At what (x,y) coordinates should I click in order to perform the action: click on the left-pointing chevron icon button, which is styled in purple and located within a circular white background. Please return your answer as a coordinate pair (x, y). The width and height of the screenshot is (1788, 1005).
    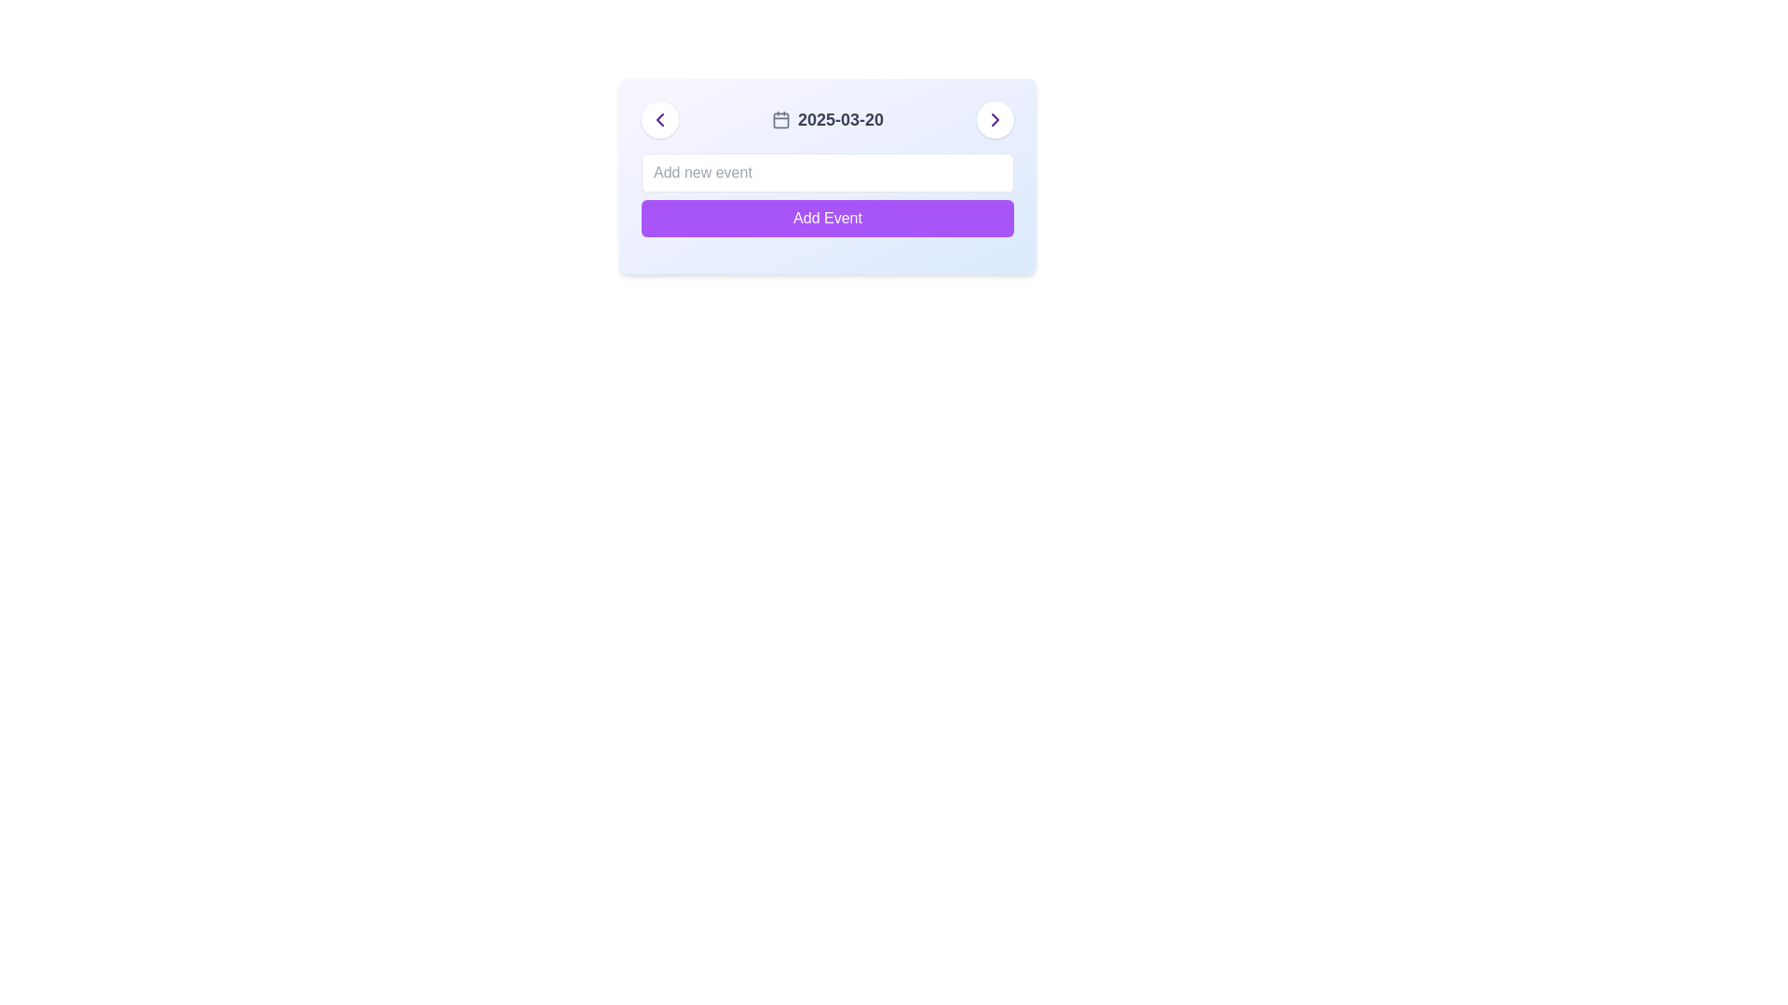
    Looking at the image, I should click on (660, 119).